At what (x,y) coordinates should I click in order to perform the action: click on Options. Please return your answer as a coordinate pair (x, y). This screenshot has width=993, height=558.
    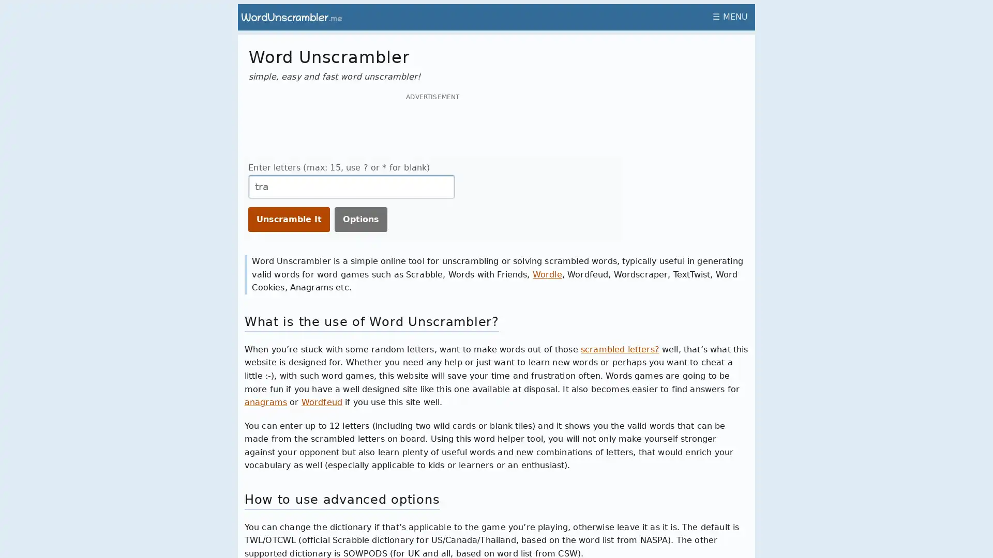
    Looking at the image, I should click on (360, 219).